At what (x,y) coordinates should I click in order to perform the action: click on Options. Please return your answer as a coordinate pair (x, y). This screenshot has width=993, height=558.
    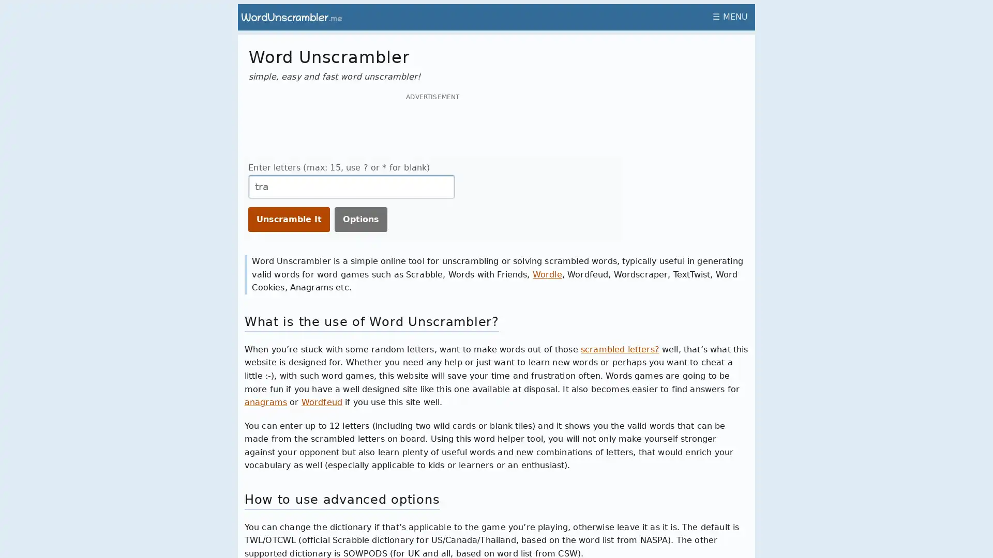
    Looking at the image, I should click on (360, 219).